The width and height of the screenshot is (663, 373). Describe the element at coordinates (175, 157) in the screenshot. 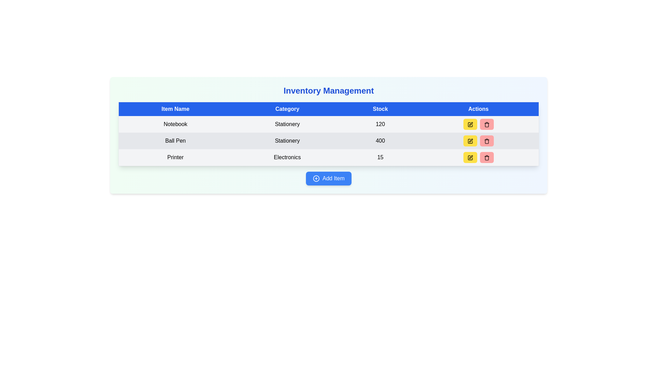

I see `the text label reading 'Printer' which is the first cell in the row of the Inventory Management section, aligned with the 'Item Name' column header` at that location.